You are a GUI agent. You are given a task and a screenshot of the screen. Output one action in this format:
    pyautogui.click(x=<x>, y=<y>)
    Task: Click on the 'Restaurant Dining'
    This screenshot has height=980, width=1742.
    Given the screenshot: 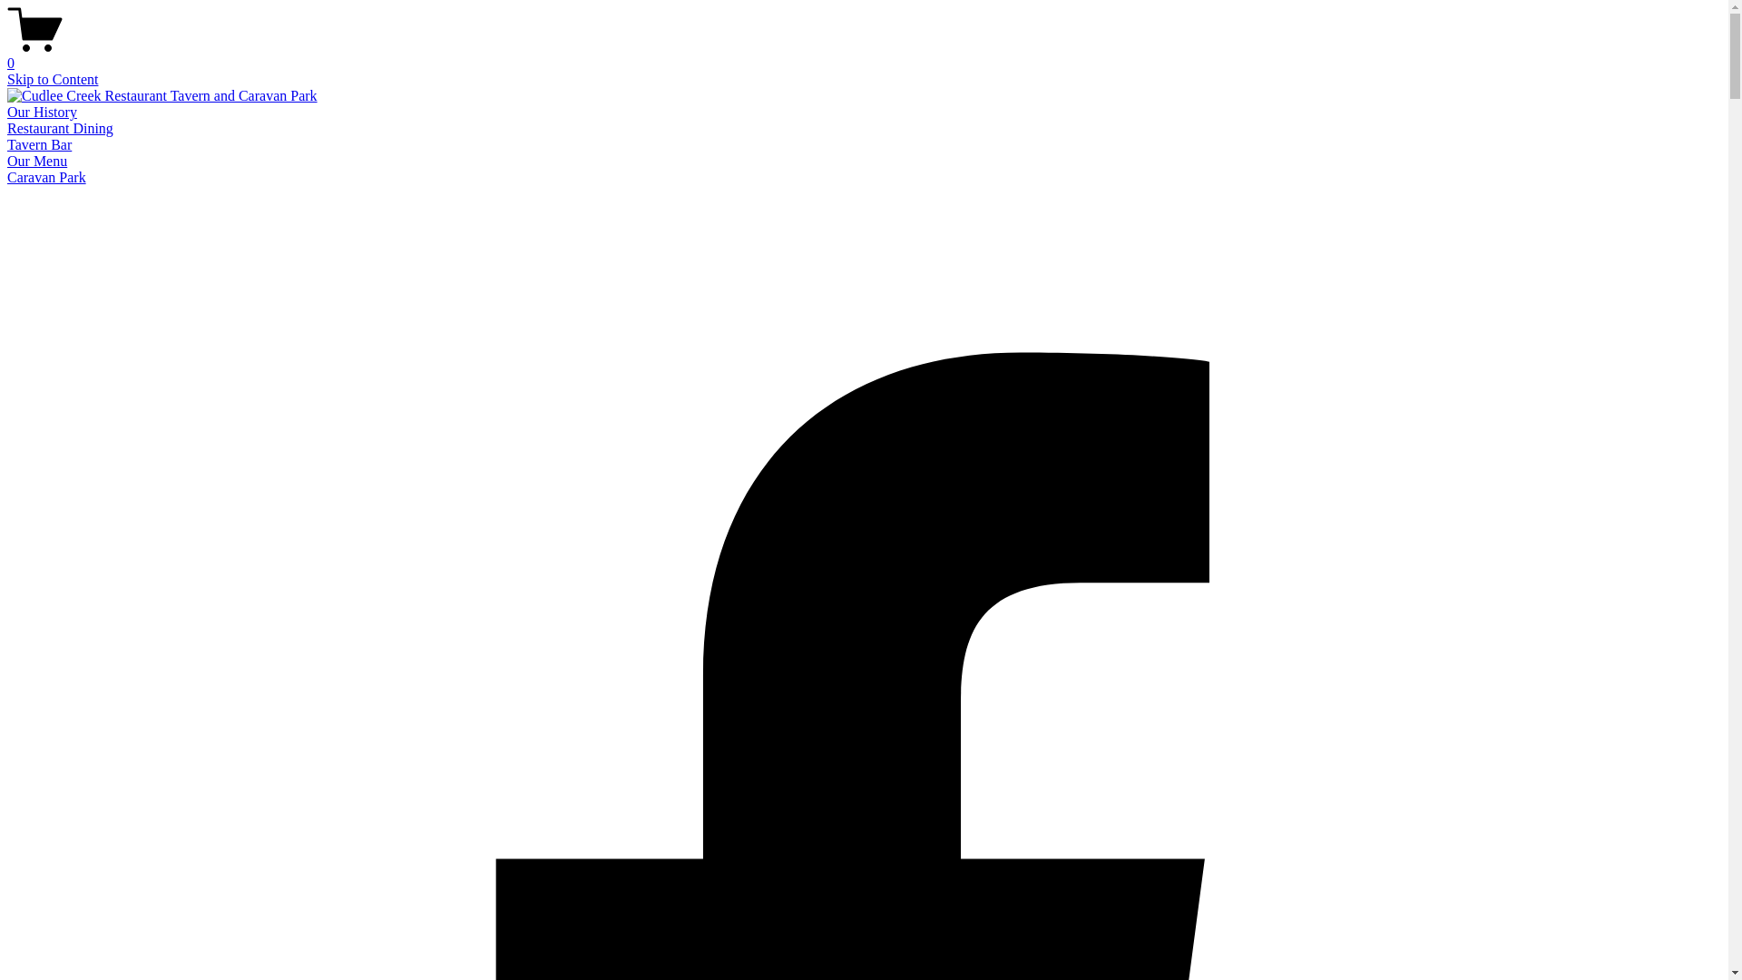 What is the action you would take?
    pyautogui.click(x=60, y=127)
    